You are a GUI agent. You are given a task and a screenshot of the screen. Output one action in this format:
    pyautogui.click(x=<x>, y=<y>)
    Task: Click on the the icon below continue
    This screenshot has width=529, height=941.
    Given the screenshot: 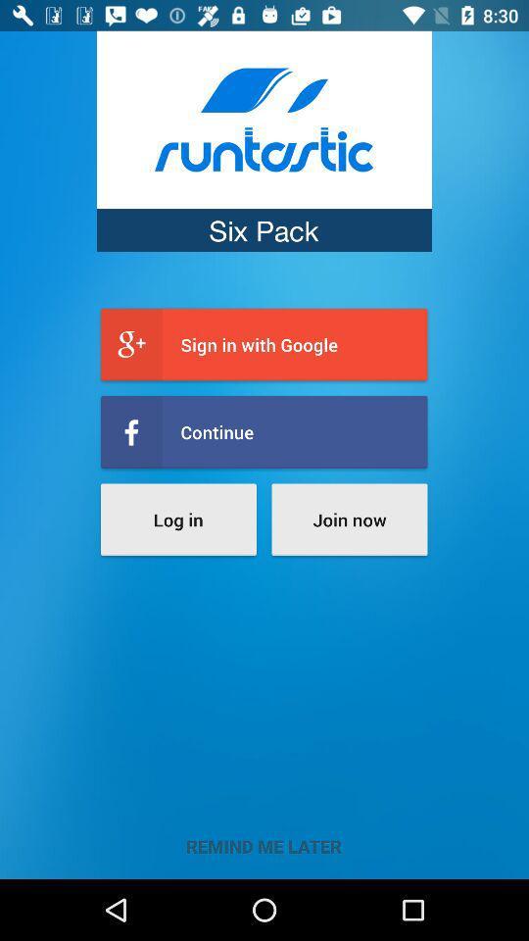 What is the action you would take?
    pyautogui.click(x=348, y=519)
    